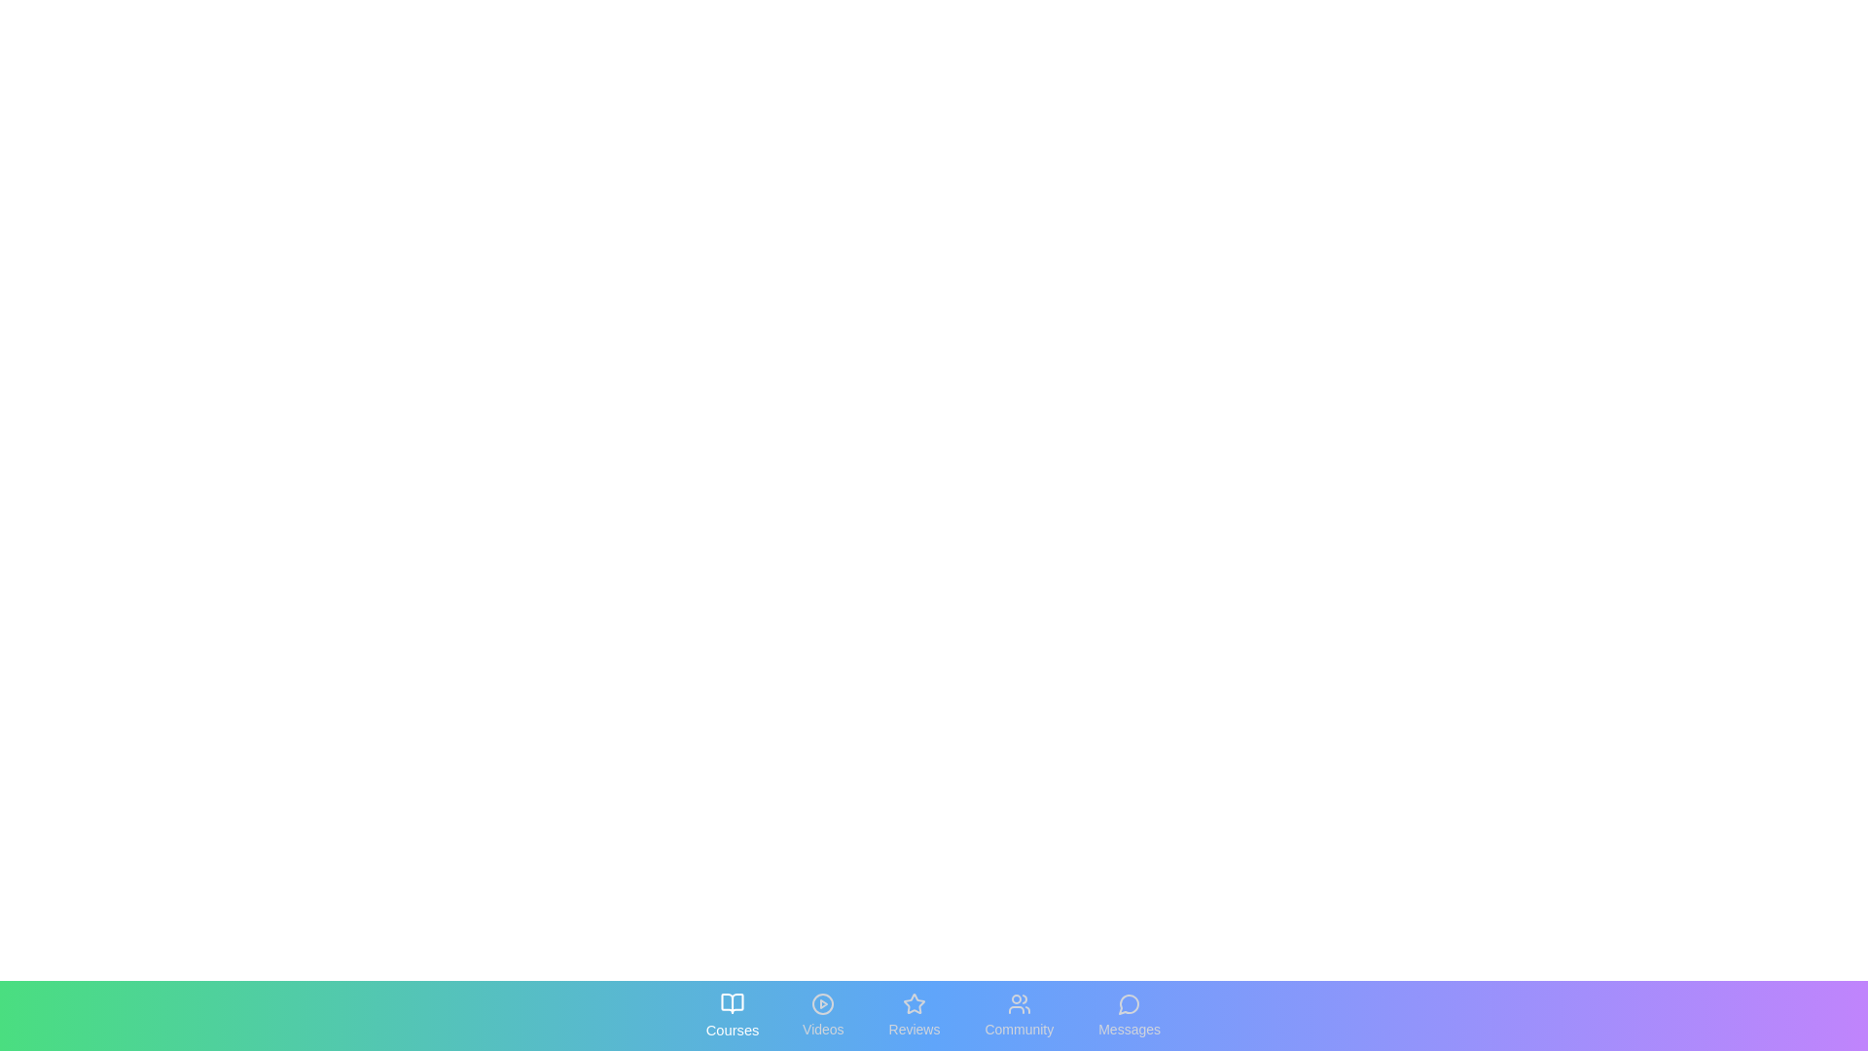 This screenshot has height=1051, width=1868. I want to click on the tab labeled Videos to reveal its interactive state, so click(822, 1015).